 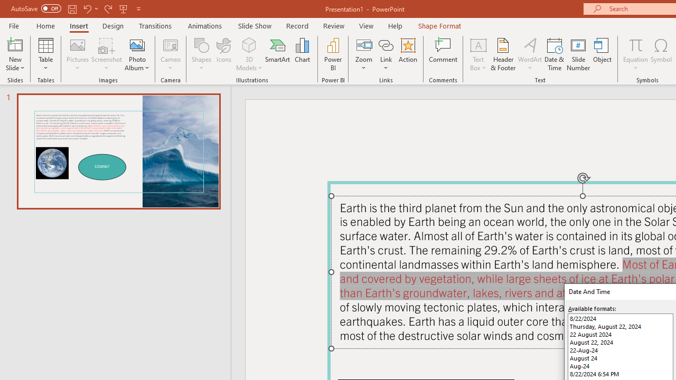 What do you see at coordinates (202, 54) in the screenshot?
I see `'Shapes'` at bounding box center [202, 54].